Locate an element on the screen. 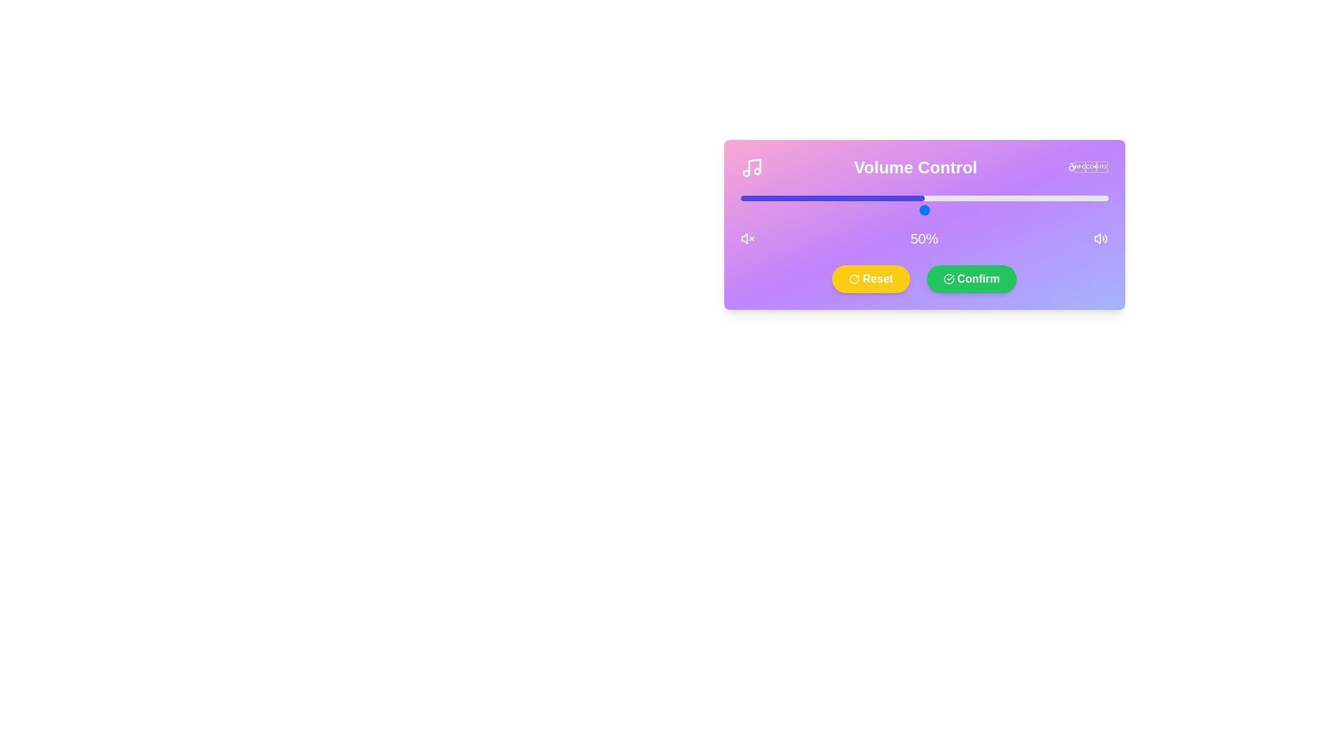 This screenshot has height=752, width=1337. the slider is located at coordinates (814, 210).